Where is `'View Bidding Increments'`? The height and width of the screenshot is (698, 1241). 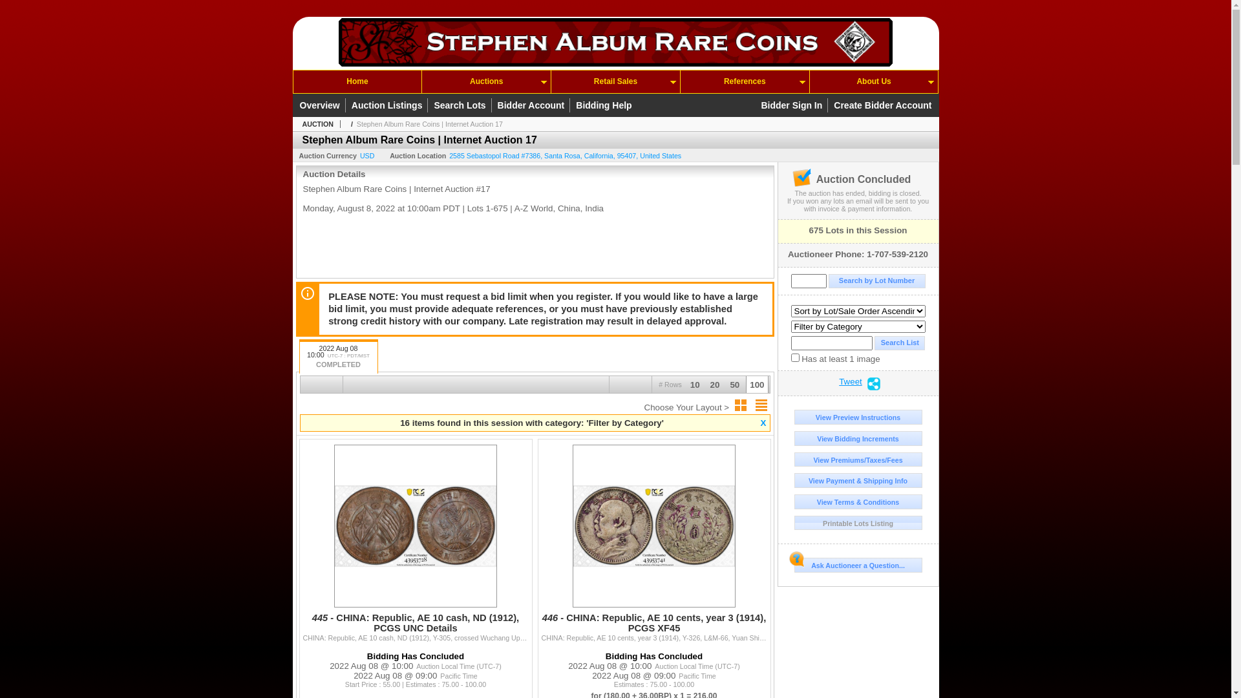 'View Bidding Increments' is located at coordinates (857, 438).